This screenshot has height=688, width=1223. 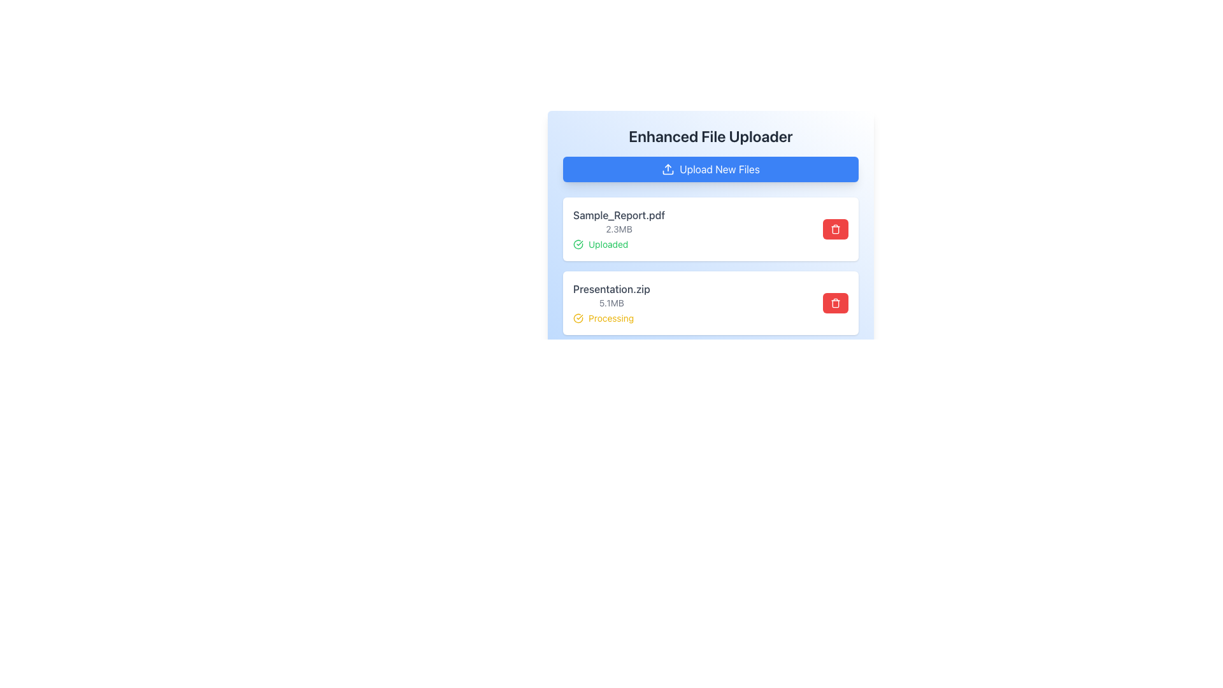 What do you see at coordinates (577, 245) in the screenshot?
I see `the small green circular icon with a checkmark located at the start of the 'Uploaded' status row for the file named 'Sample_Report.pdf'` at bounding box center [577, 245].